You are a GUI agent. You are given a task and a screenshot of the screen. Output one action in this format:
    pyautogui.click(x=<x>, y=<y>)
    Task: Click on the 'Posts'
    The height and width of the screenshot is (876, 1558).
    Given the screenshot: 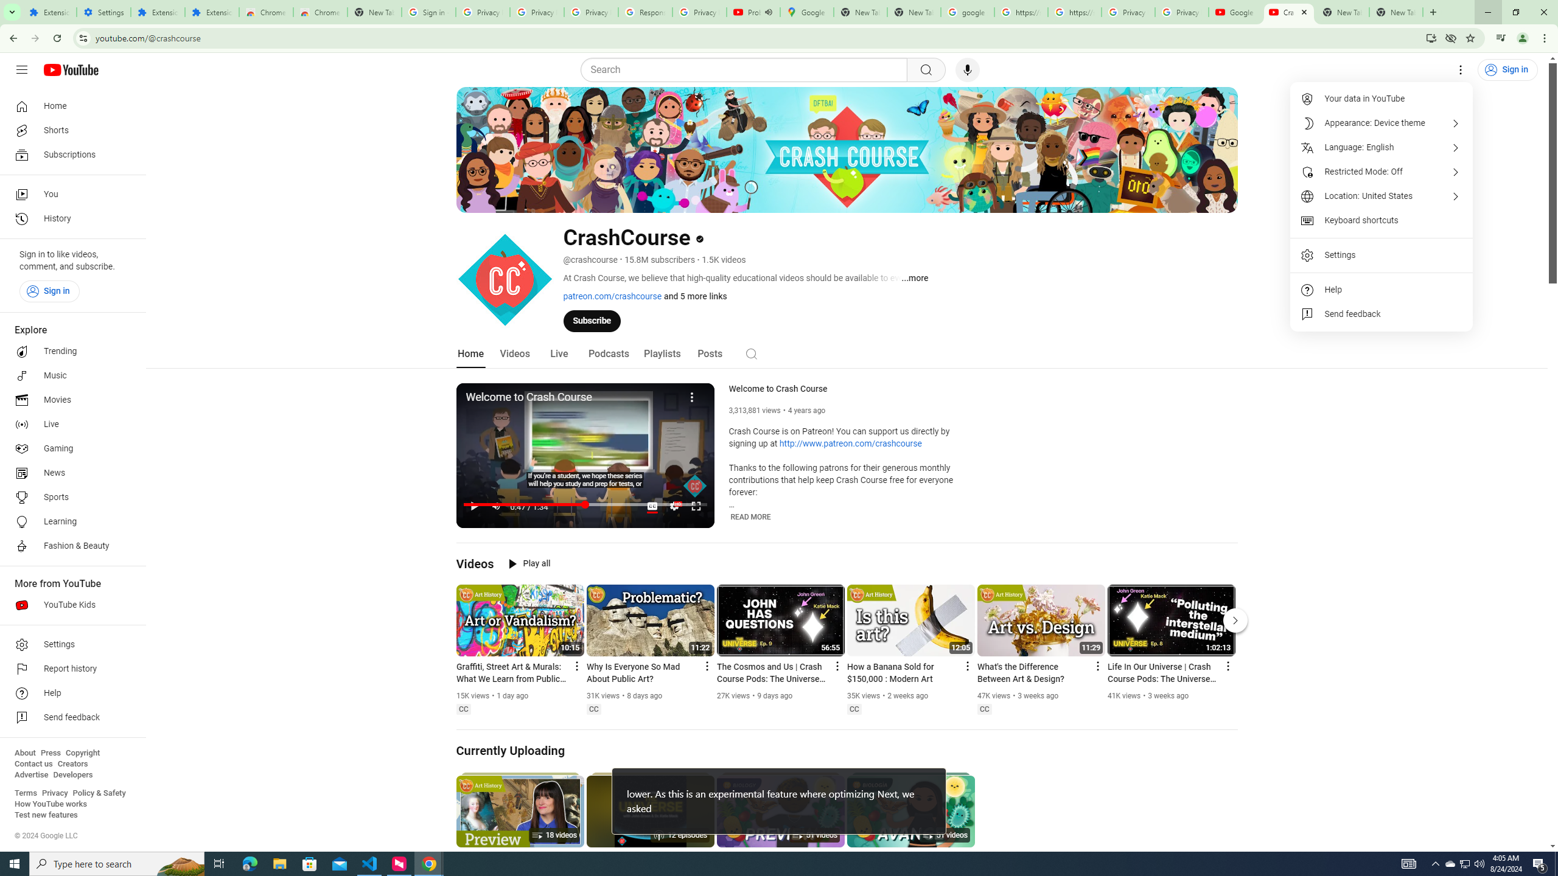 What is the action you would take?
    pyautogui.click(x=709, y=353)
    